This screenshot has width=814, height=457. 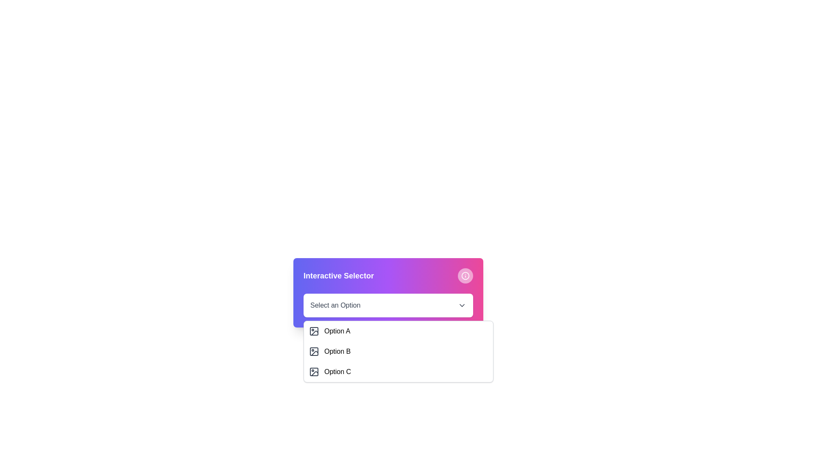 What do you see at coordinates (313, 351) in the screenshot?
I see `the icon representing 'Option B' in the dropdown menu` at bounding box center [313, 351].